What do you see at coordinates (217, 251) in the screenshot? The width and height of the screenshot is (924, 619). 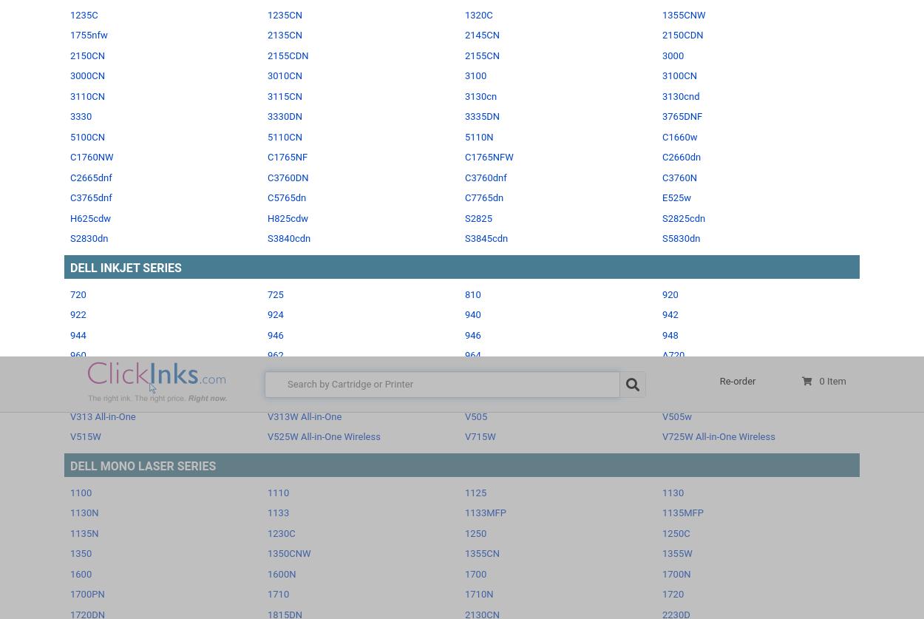 I see `'Dell Remanufactured Ink and Toner Cartridges'` at bounding box center [217, 251].